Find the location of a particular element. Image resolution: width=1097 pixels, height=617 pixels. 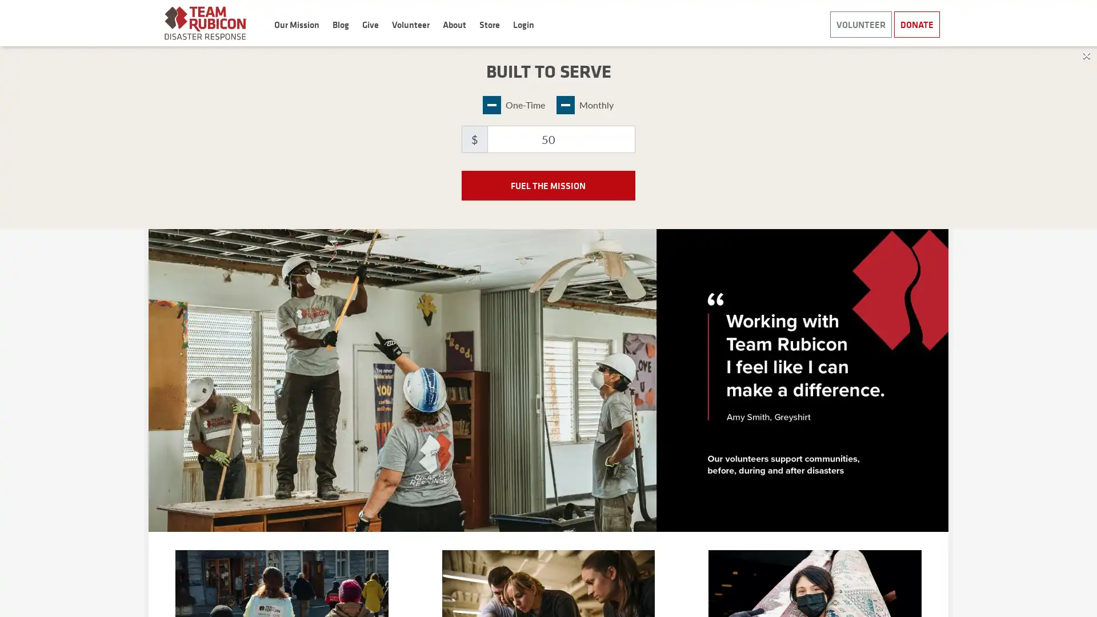

DONATE is located at coordinates (916, 24).